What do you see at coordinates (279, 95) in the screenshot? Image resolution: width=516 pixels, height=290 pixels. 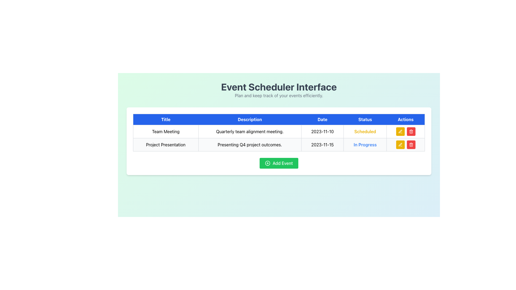 I see `the static text element that reads 'Plan and keep track of your events efficiently.' which is located directly below the header 'Event Scheduler Interface.'` at bounding box center [279, 95].